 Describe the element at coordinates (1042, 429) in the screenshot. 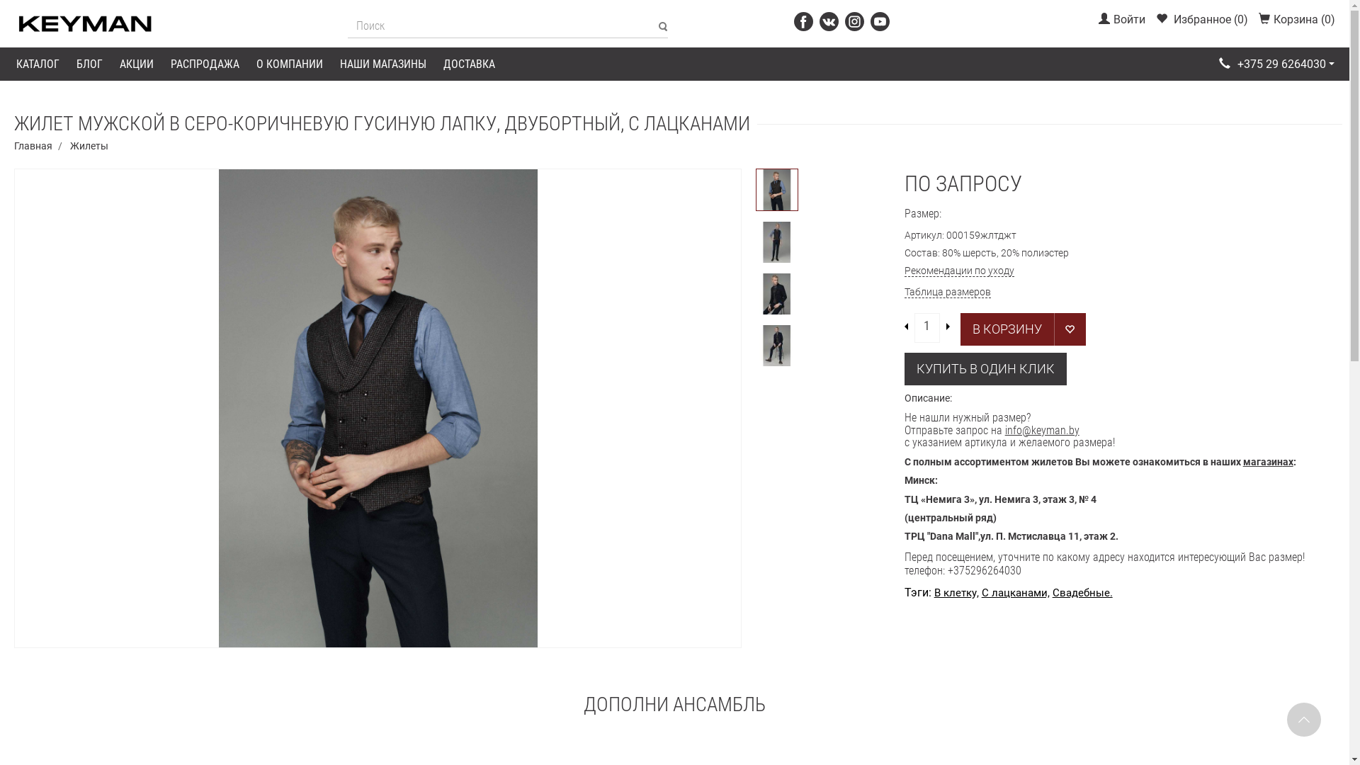

I see `'info@keyman.by'` at that location.